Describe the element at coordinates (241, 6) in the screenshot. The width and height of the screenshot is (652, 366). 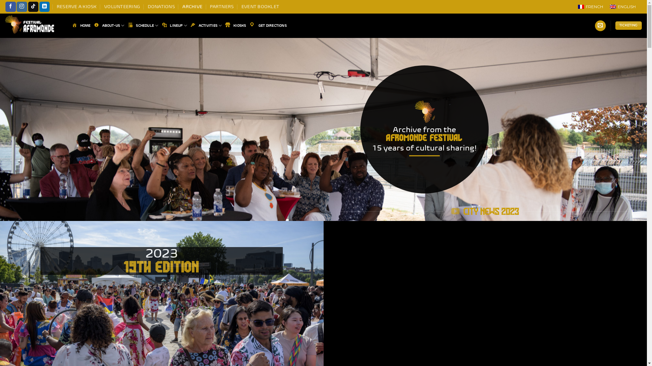
I see `'EVENT BOOKLET'` at that location.